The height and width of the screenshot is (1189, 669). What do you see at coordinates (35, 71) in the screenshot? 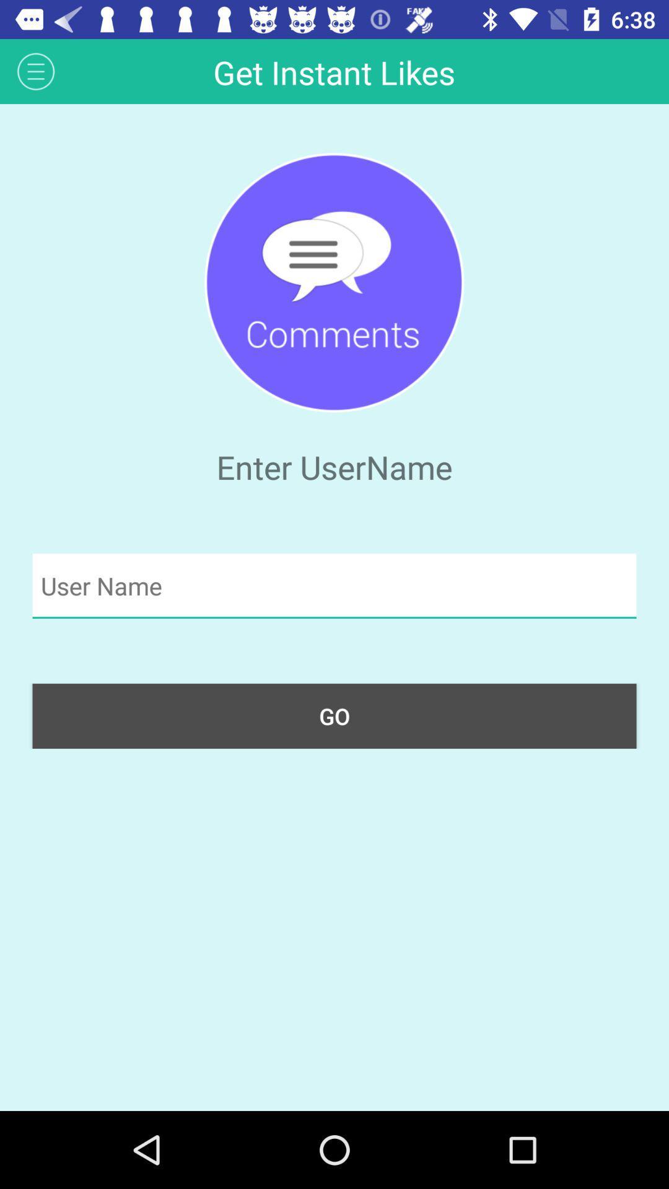
I see `the app to the left of the get instant likes item` at bounding box center [35, 71].